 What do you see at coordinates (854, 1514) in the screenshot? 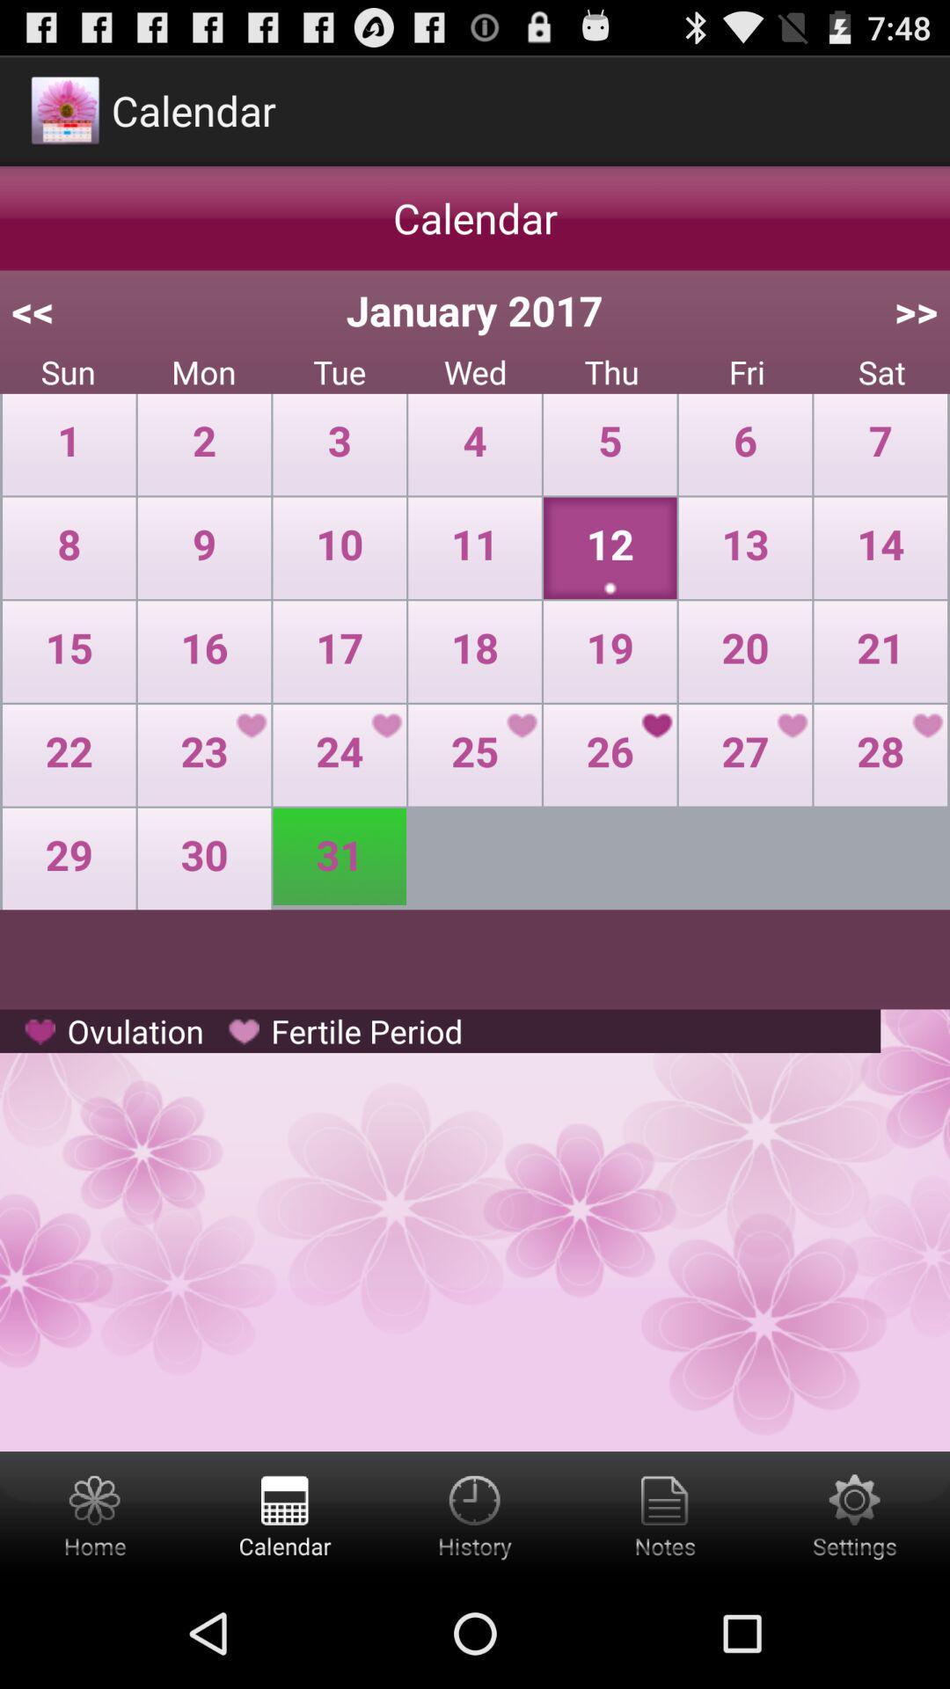
I see `setting option` at bounding box center [854, 1514].